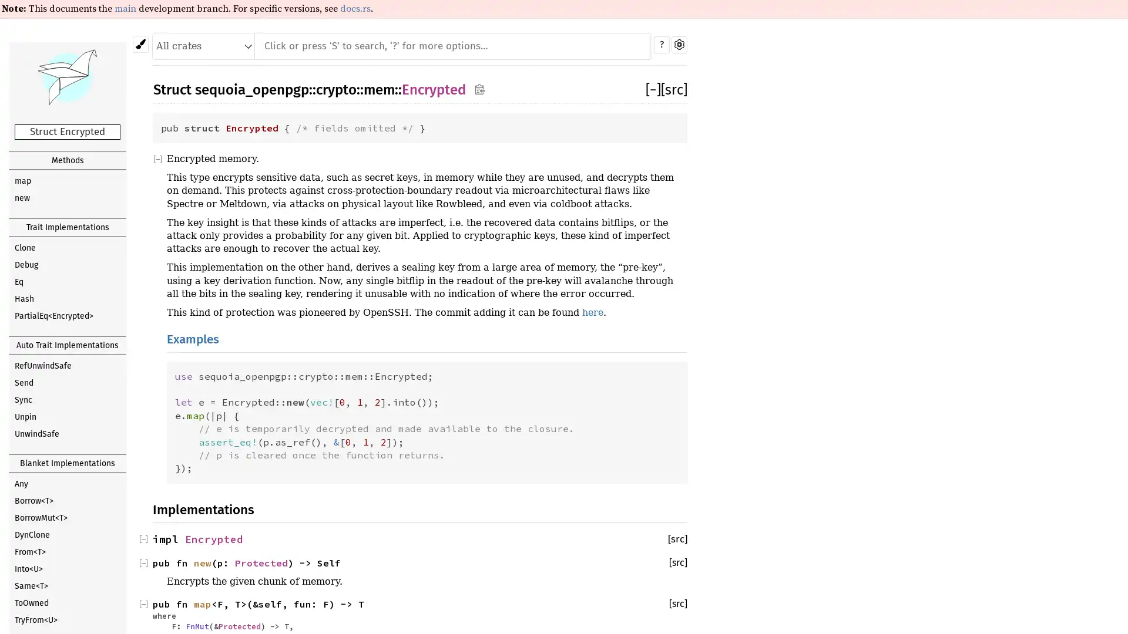 The height and width of the screenshot is (634, 1128). What do you see at coordinates (662, 44) in the screenshot?
I see `?` at bounding box center [662, 44].